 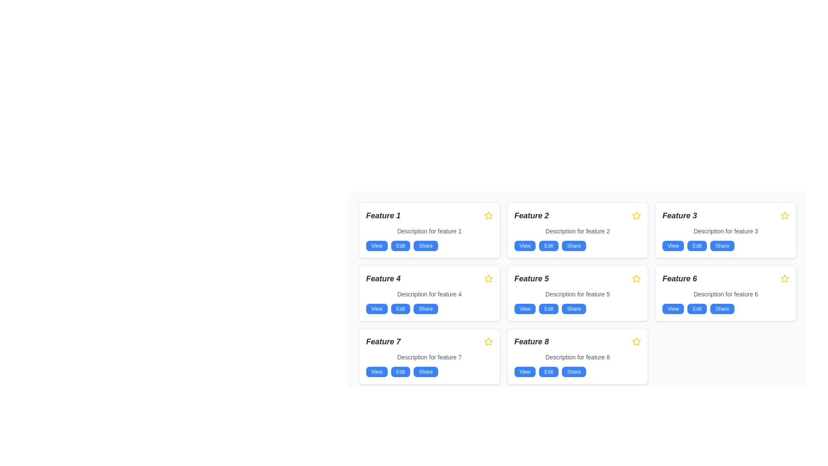 What do you see at coordinates (697, 309) in the screenshot?
I see `the blue rectangular button with rounded corners labeled 'Edit' located under the 'Feature 6' section` at bounding box center [697, 309].